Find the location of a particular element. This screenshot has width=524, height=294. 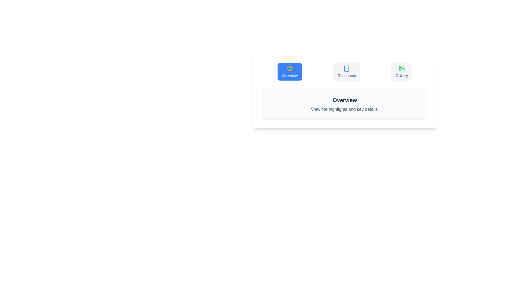

the icon of the Gallery tab is located at coordinates (402, 68).